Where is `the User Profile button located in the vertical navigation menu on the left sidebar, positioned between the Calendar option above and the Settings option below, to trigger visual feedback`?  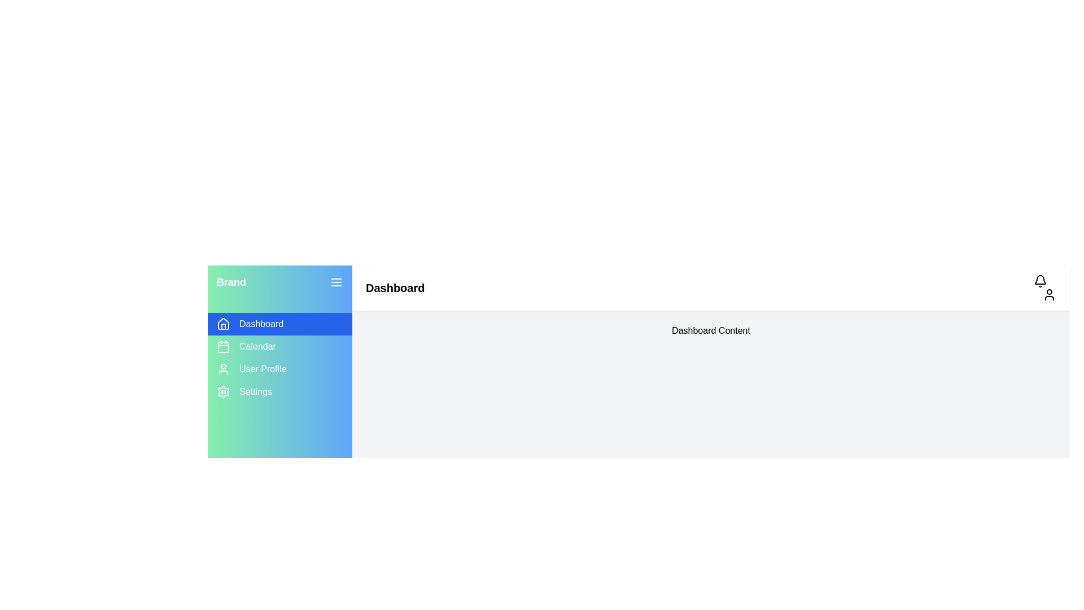 the User Profile button located in the vertical navigation menu on the left sidebar, positioned between the Calendar option above and the Settings option below, to trigger visual feedback is located at coordinates (279, 369).